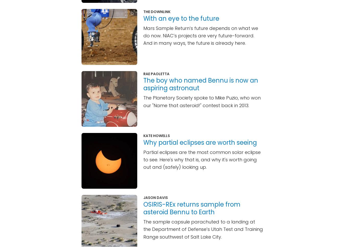 The width and height of the screenshot is (345, 247). What do you see at coordinates (157, 136) in the screenshot?
I see `'Kate Howells'` at bounding box center [157, 136].